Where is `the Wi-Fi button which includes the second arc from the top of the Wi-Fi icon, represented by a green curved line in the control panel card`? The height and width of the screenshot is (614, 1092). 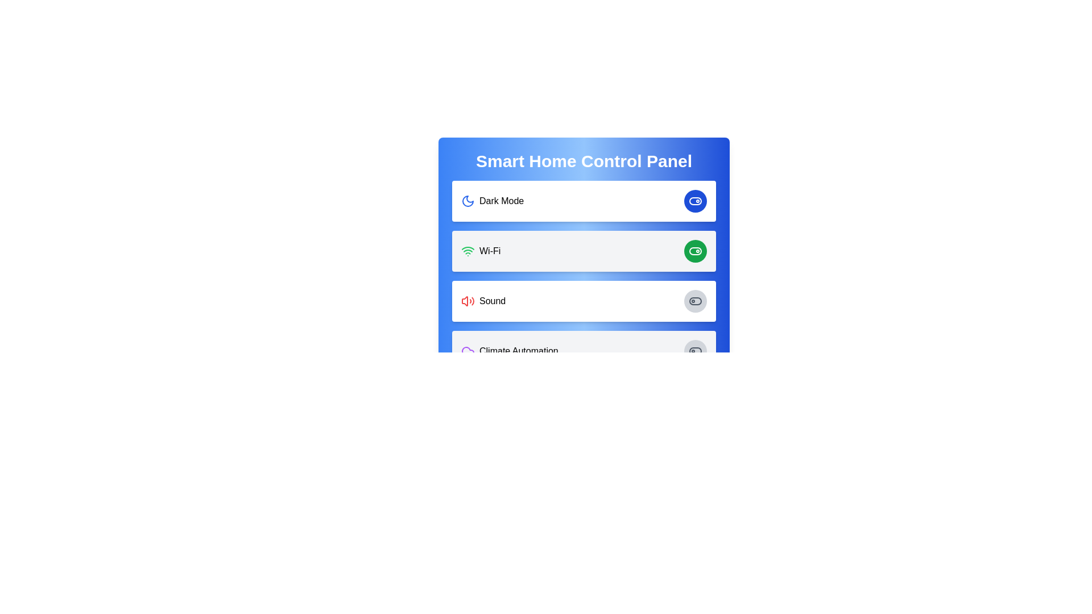 the Wi-Fi button which includes the second arc from the top of the Wi-Fi icon, represented by a green curved line in the control panel card is located at coordinates (468, 247).